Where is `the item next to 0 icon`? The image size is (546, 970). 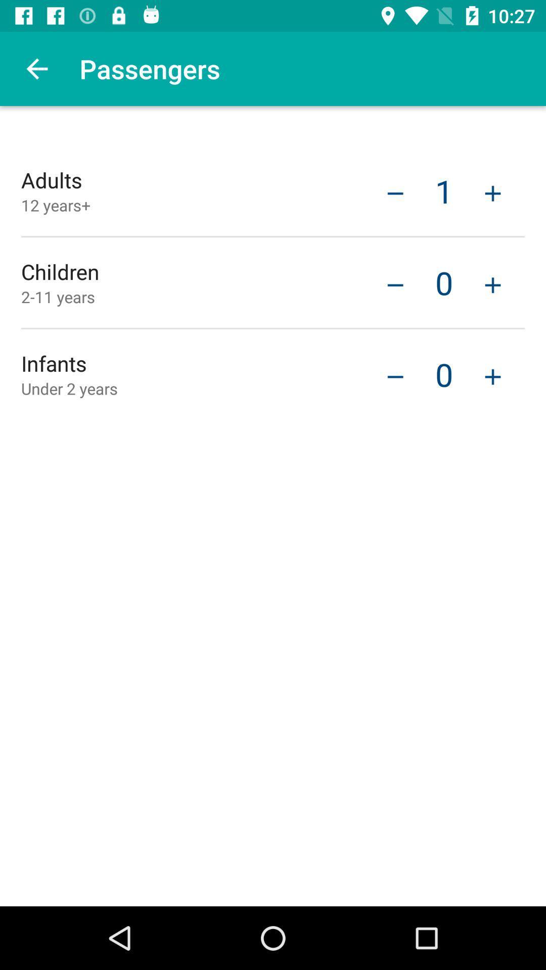 the item next to 0 icon is located at coordinates (492, 375).